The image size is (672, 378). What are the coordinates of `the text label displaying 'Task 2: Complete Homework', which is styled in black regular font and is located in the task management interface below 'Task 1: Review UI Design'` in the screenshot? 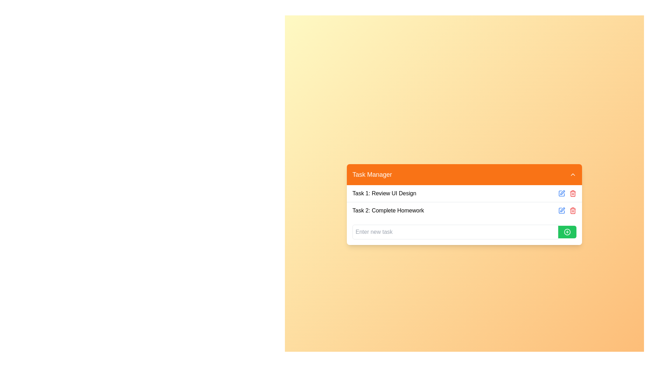 It's located at (388, 210).